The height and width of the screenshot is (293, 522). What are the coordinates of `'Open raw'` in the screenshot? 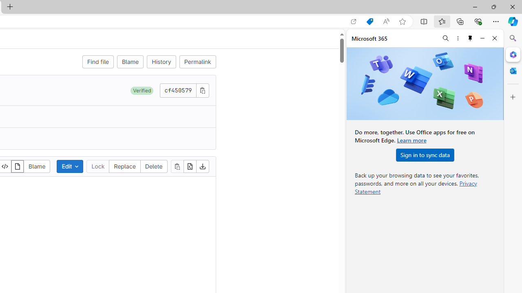 It's located at (189, 166).